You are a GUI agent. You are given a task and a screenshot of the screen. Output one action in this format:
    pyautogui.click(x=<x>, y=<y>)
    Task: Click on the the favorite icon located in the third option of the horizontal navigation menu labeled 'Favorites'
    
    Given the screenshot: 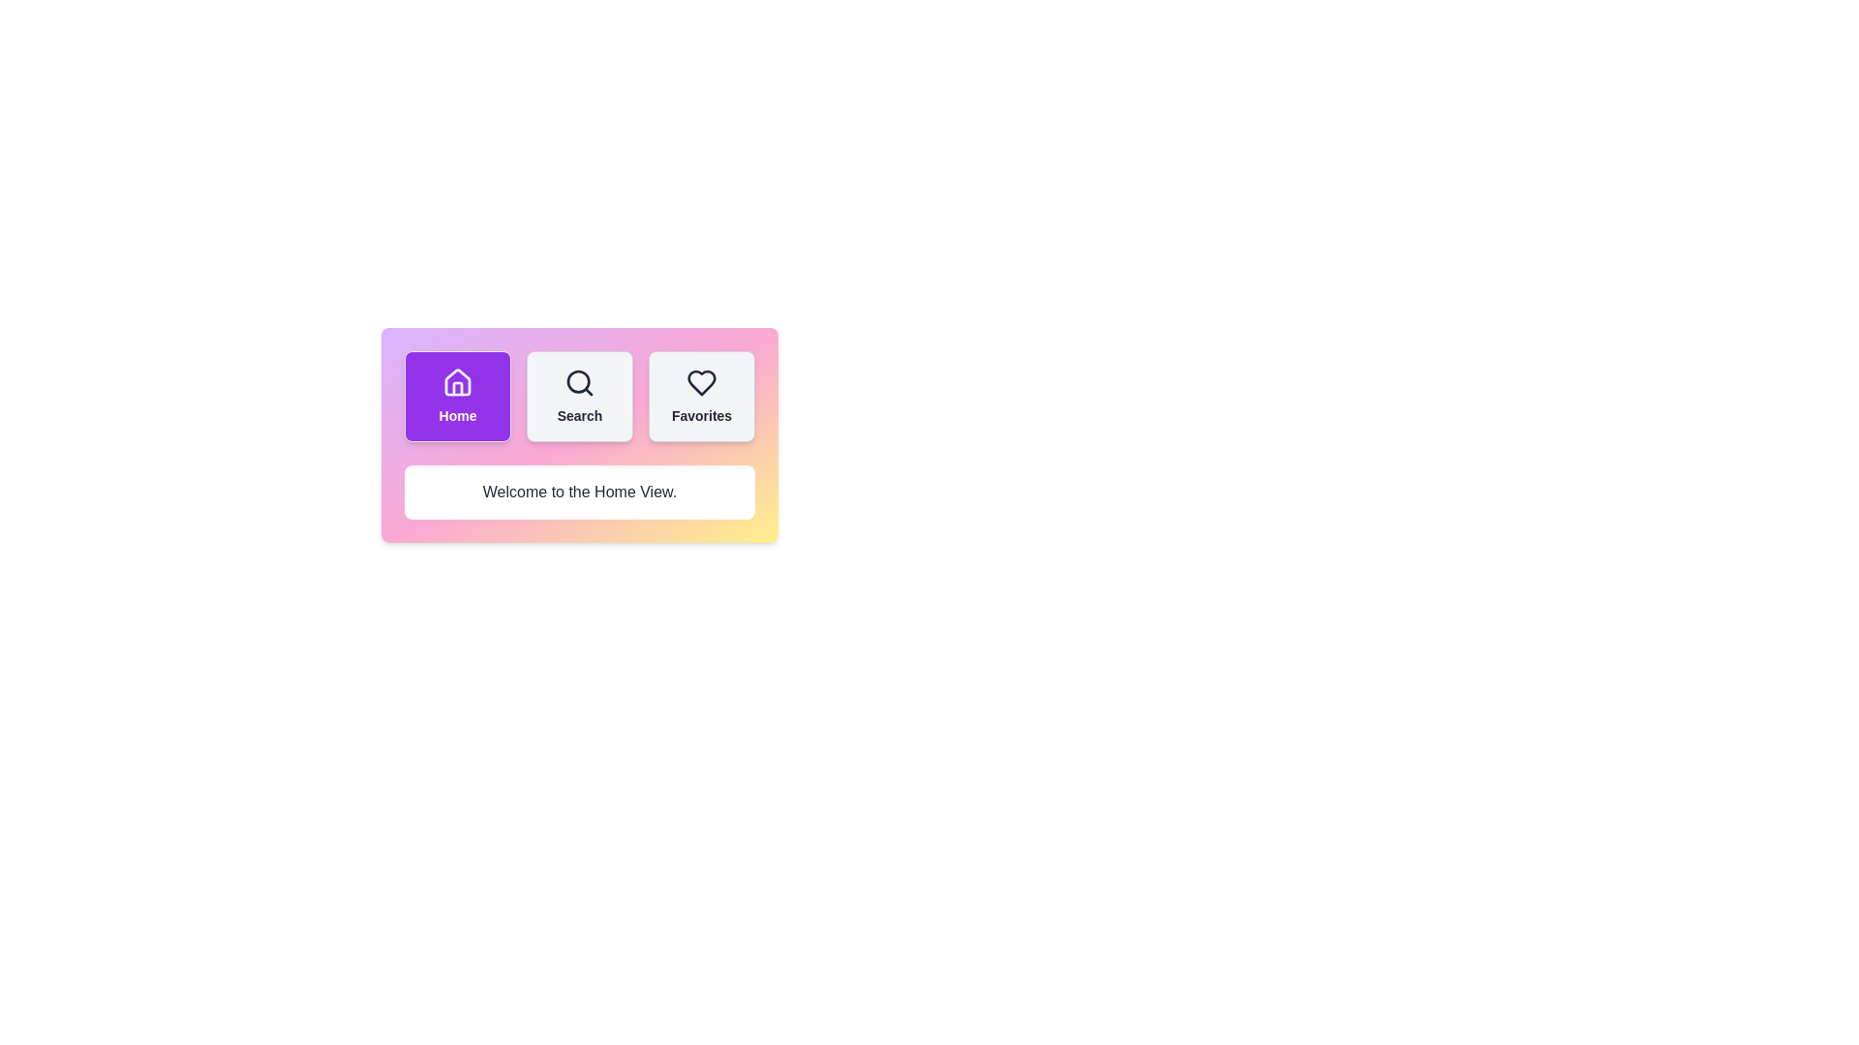 What is the action you would take?
    pyautogui.click(x=700, y=383)
    